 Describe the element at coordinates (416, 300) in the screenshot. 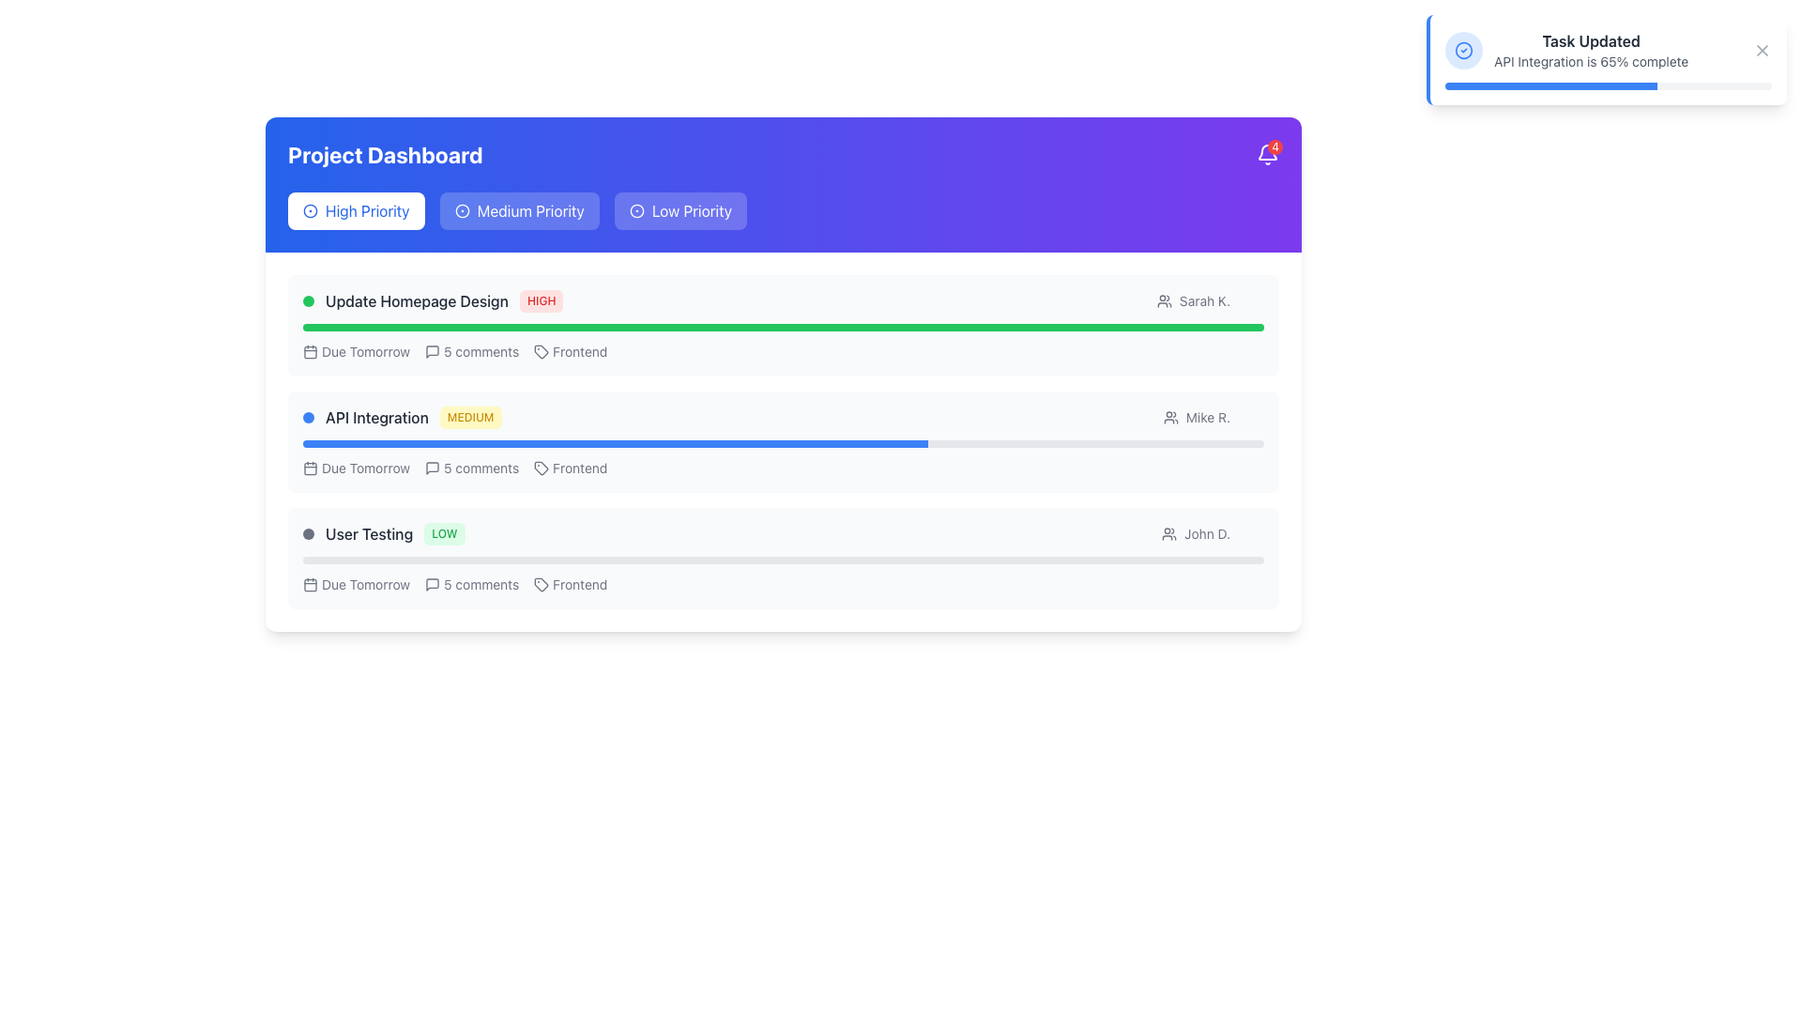

I see `the task title text label for 'Update Homepage Design' in the High Priority section of the Project Dashboard` at that location.